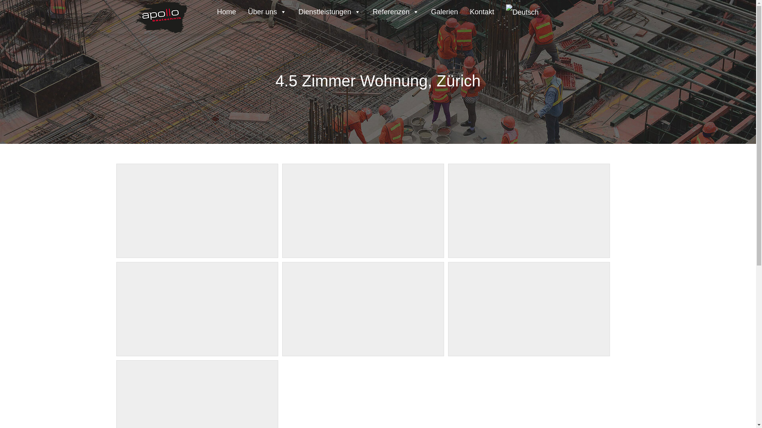 The image size is (762, 428). I want to click on 'Kontakt', so click(464, 10).